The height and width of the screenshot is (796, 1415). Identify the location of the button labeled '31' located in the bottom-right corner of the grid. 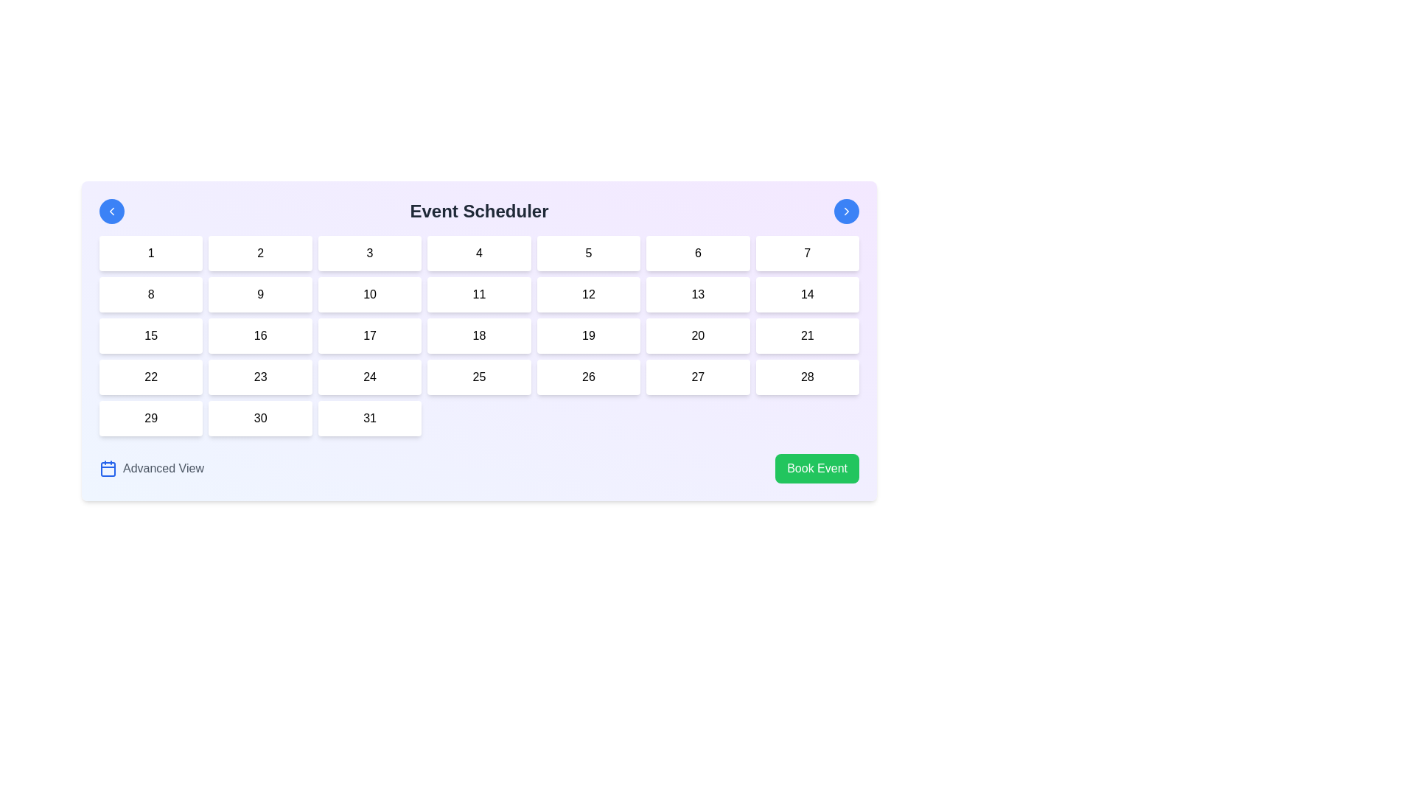
(370, 418).